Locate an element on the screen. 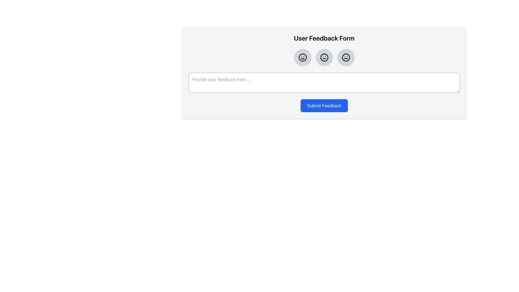 Image resolution: width=519 pixels, height=292 pixels. the Feedback Button using tab navigation is located at coordinates (302, 57).